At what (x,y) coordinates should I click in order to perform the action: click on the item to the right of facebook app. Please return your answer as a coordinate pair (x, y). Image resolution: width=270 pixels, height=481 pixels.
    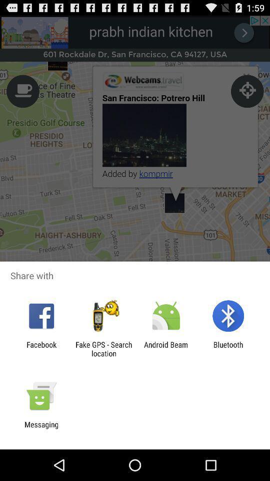
    Looking at the image, I should click on (103, 349).